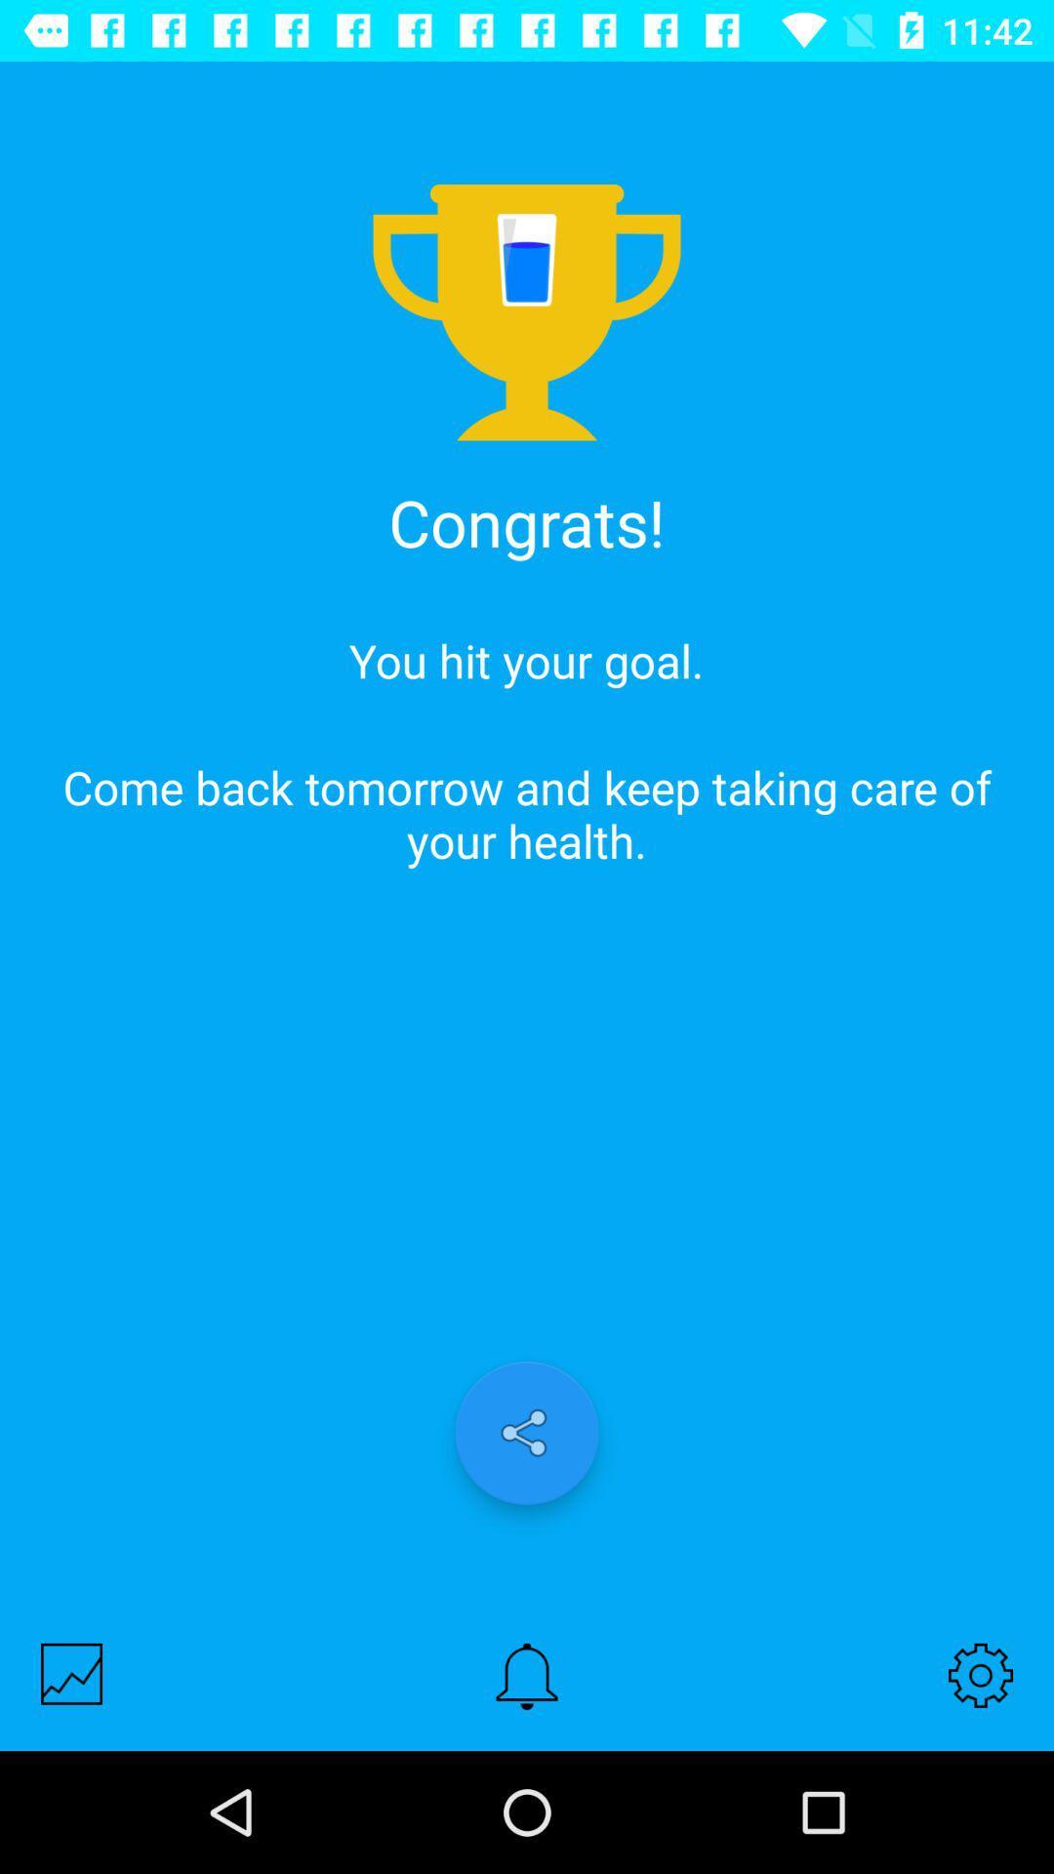 The image size is (1054, 1874). I want to click on the icon below the come back tomorrow icon, so click(70, 1673).